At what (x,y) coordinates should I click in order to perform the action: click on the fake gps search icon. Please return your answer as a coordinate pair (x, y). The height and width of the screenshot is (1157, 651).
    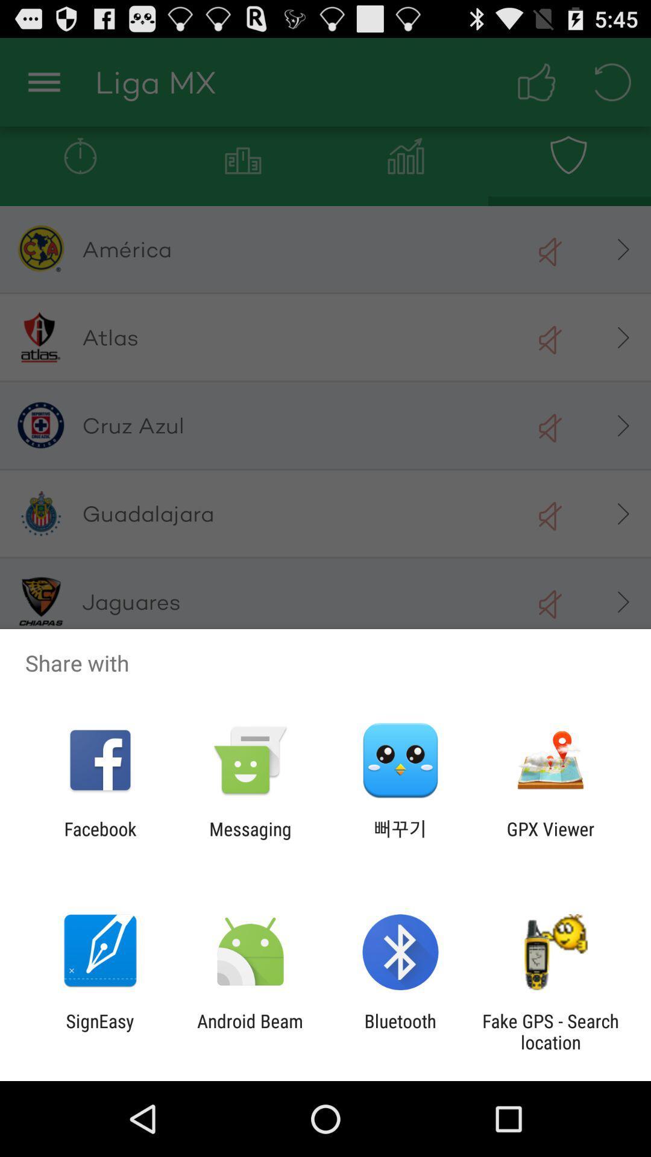
    Looking at the image, I should click on (550, 1031).